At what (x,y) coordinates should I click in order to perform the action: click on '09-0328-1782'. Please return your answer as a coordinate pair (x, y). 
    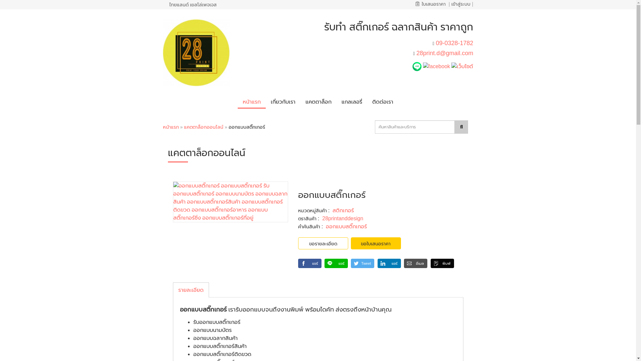
    Looking at the image, I should click on (454, 42).